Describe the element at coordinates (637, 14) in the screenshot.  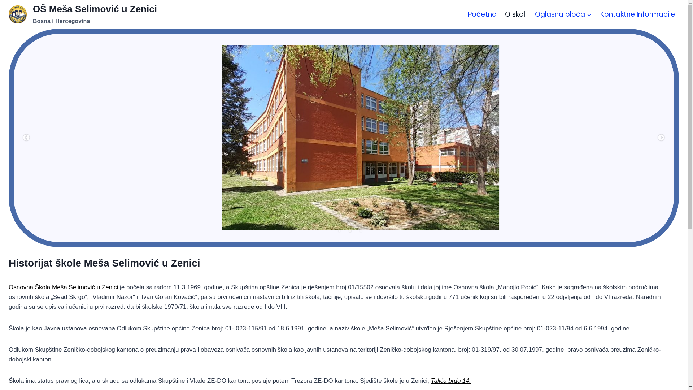
I see `'Kontaktne Informacije'` at that location.